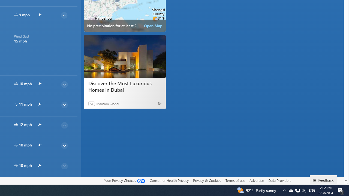  Describe the element at coordinates (315, 180) in the screenshot. I see `'Class: feedback_link_icon-DS-EntryPoint1-1'` at that location.